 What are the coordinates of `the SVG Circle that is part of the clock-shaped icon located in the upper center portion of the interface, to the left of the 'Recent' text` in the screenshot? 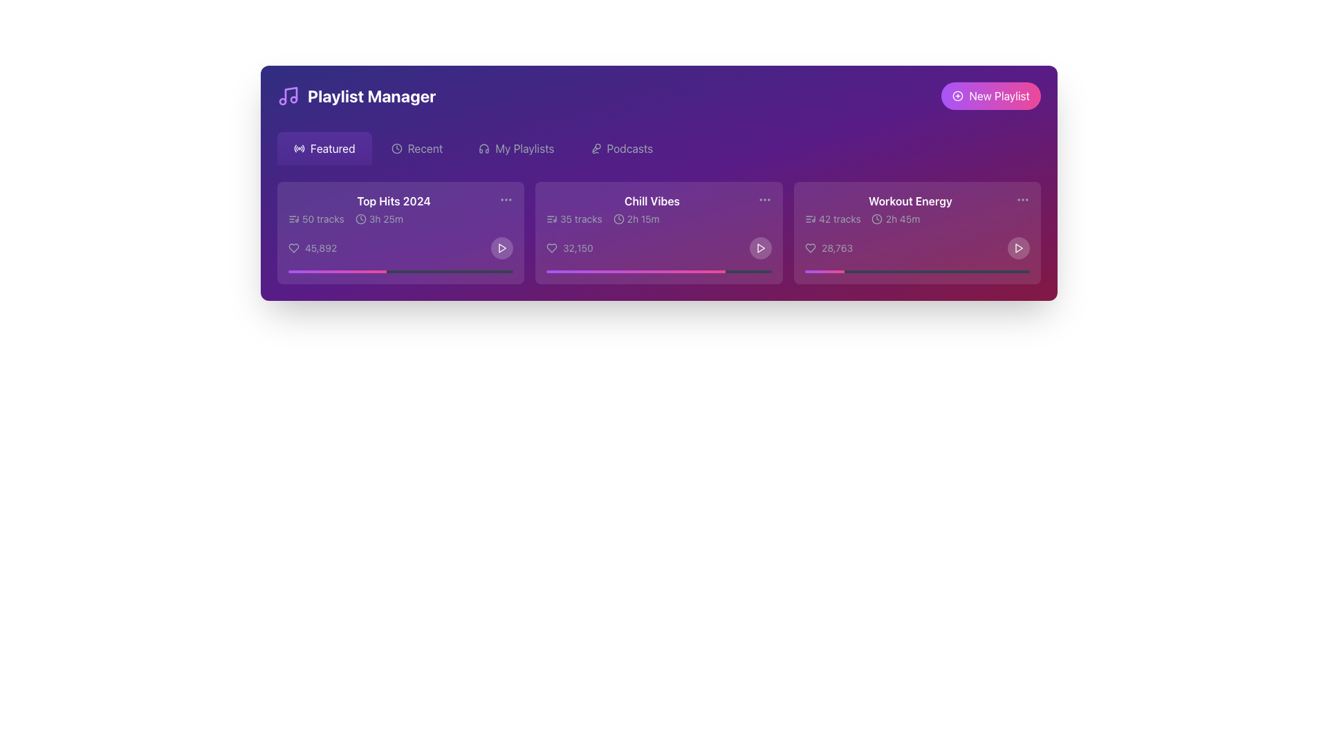 It's located at (396, 149).